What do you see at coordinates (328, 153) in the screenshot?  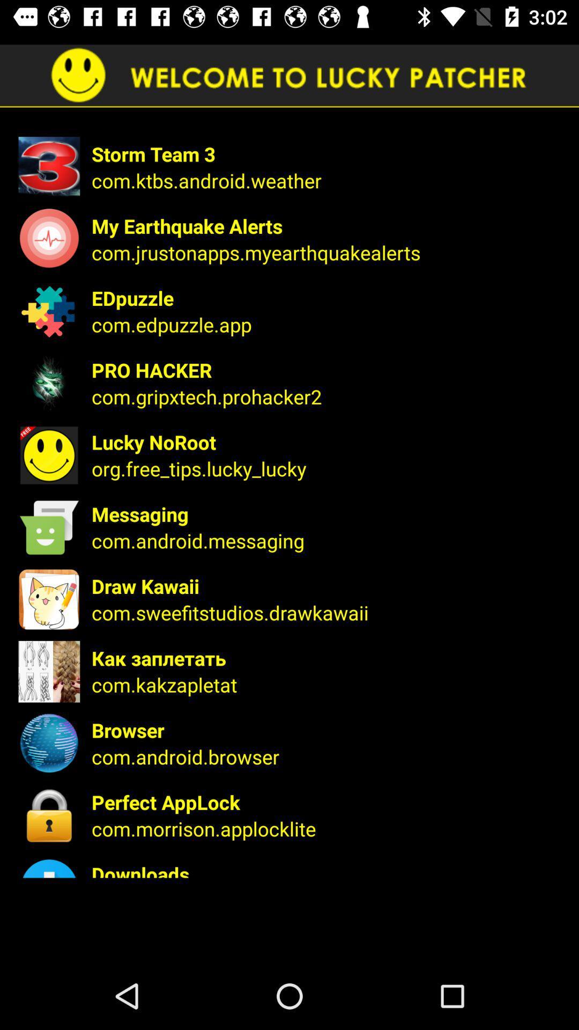 I see `icon above the com ktbs android item` at bounding box center [328, 153].